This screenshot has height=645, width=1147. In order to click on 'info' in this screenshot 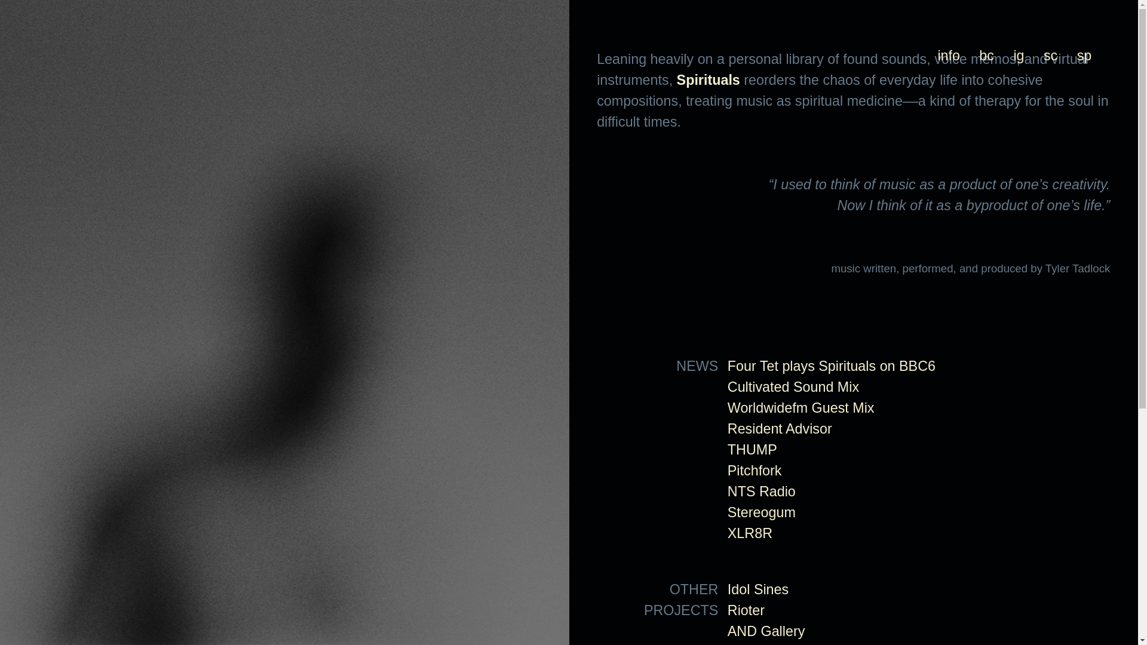, I will do `click(948, 56)`.